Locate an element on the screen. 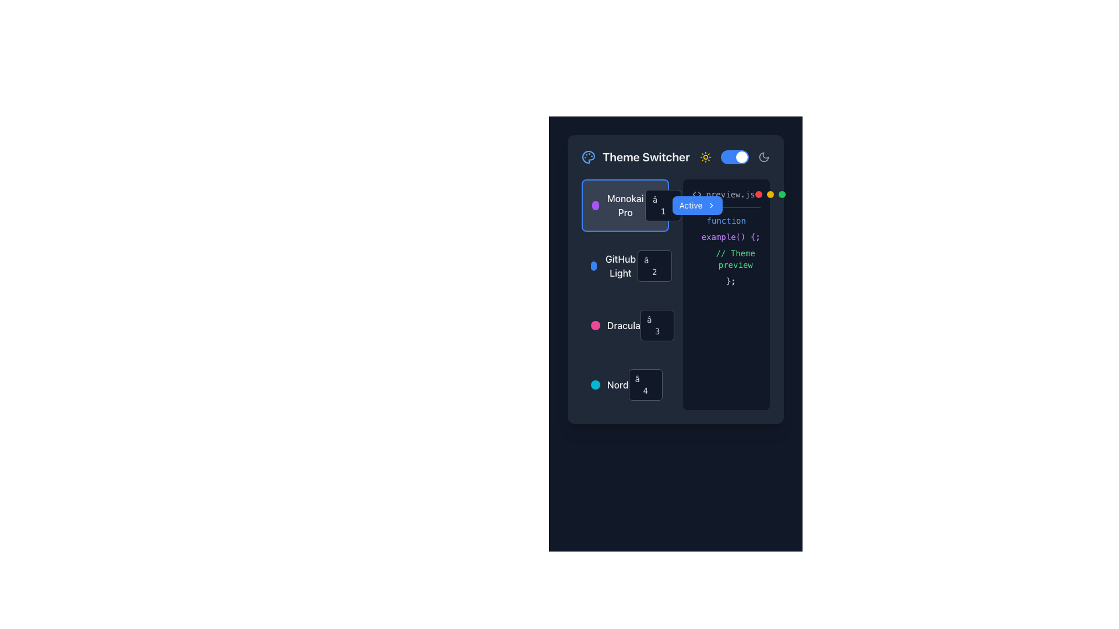 The width and height of the screenshot is (1119, 629). the text label 'Monokai Pro' which is styled with a medium font weight and is part of a selection group alongside a purple circular indicator to associate it with its theme group is located at coordinates (625, 205).